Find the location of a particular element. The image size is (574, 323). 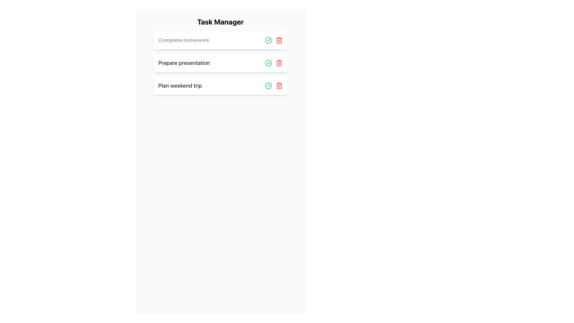

the green circular check mark icon located at the right end of the first row in the 'Task Manager' interface is located at coordinates (268, 40).